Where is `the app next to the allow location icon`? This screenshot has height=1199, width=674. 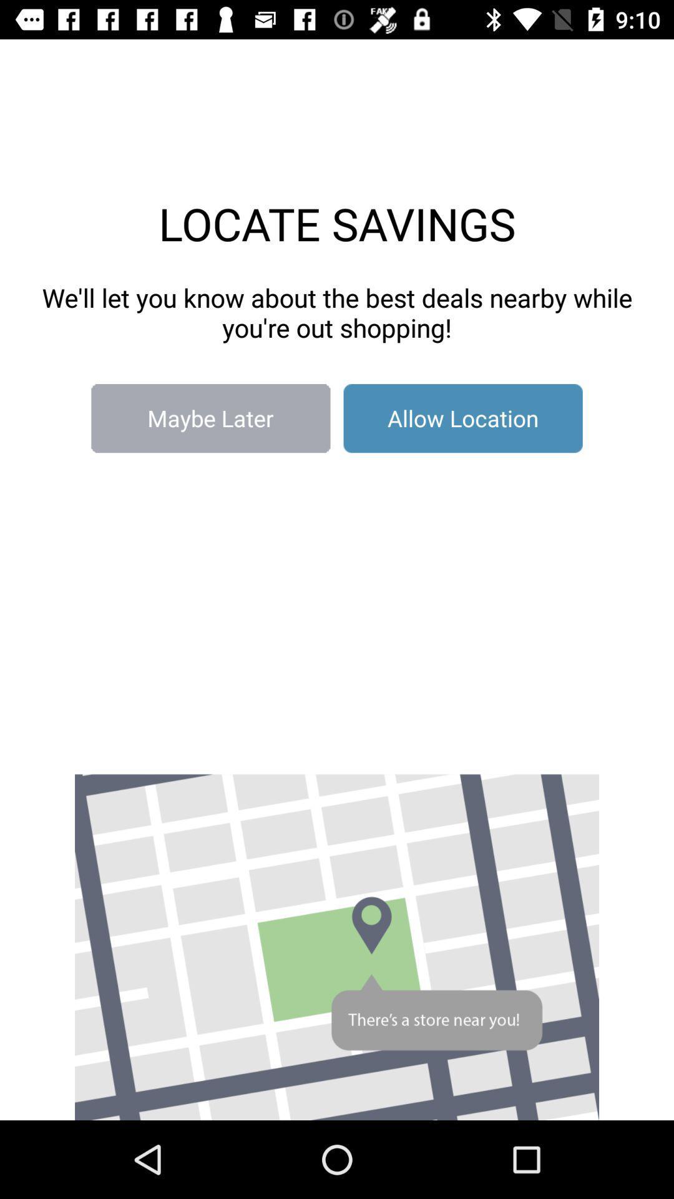 the app next to the allow location icon is located at coordinates (210, 418).